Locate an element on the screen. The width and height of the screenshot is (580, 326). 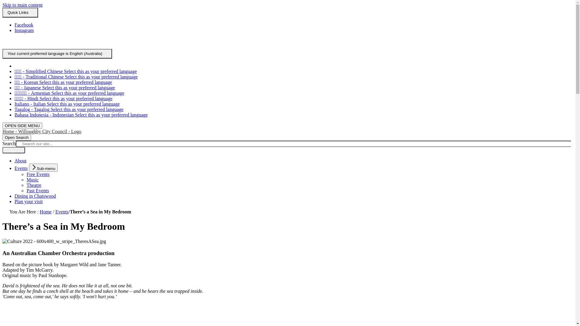
'Music' is located at coordinates (32, 179).